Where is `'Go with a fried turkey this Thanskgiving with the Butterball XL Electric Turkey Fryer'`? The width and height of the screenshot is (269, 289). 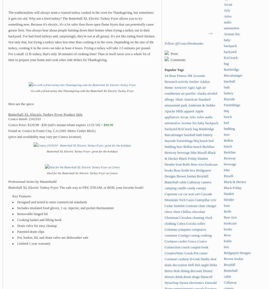 'Go with a fried turkey this Thanskgiving with the Butterball XL Electric Turkey Fryer' is located at coordinates (82, 90).